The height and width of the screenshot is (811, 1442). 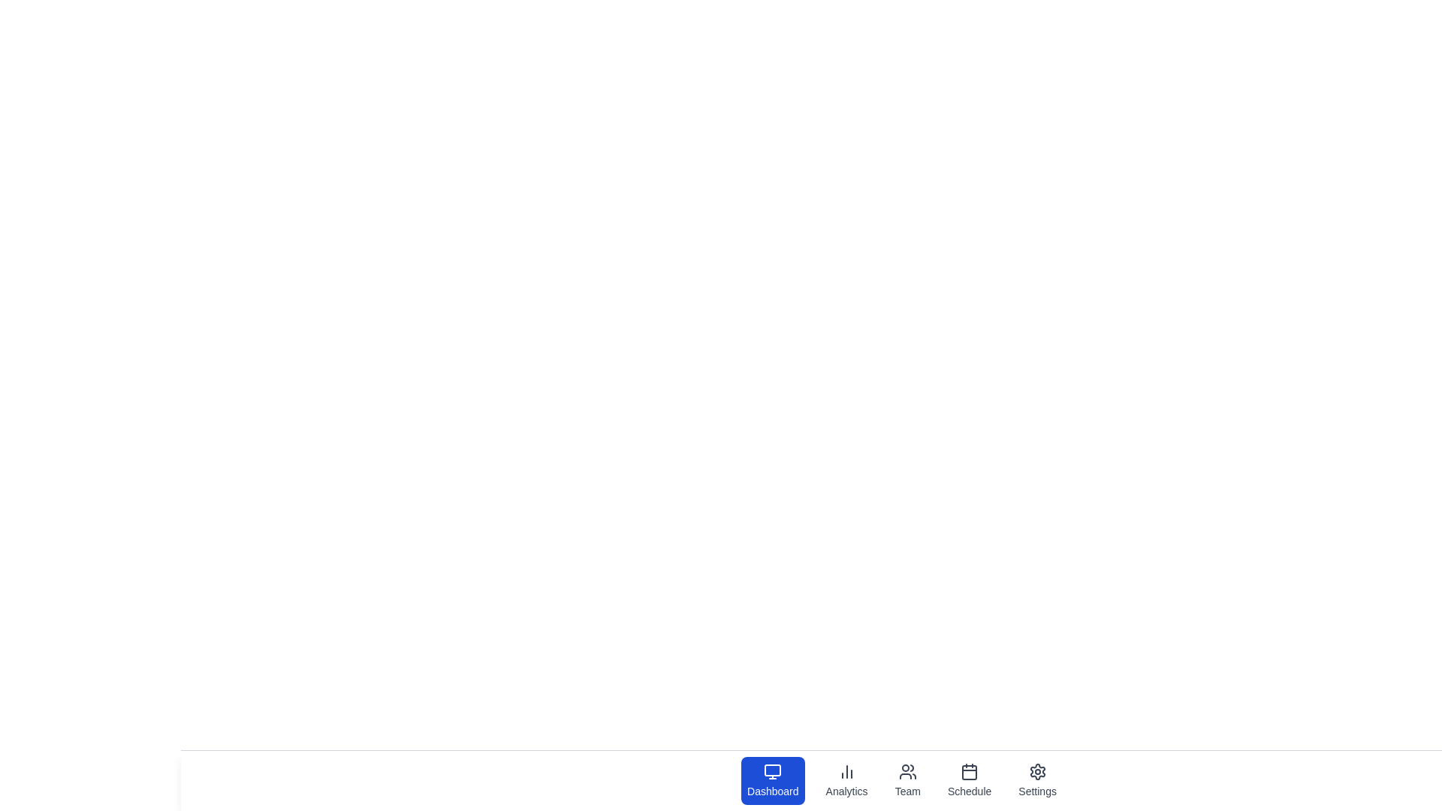 What do you see at coordinates (970, 780) in the screenshot?
I see `the tab icon corresponding to Schedule` at bounding box center [970, 780].